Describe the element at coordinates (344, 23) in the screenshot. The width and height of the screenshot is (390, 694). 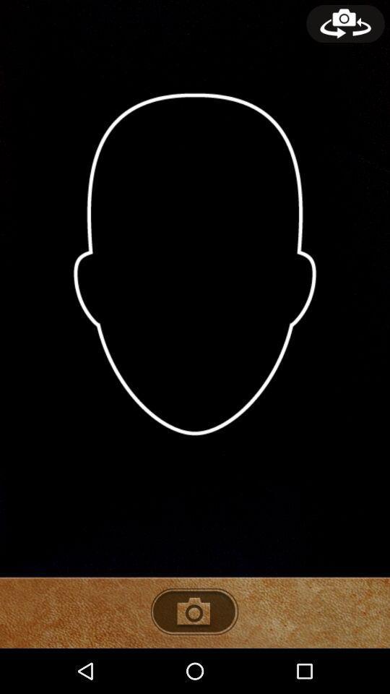
I see `switch camera` at that location.